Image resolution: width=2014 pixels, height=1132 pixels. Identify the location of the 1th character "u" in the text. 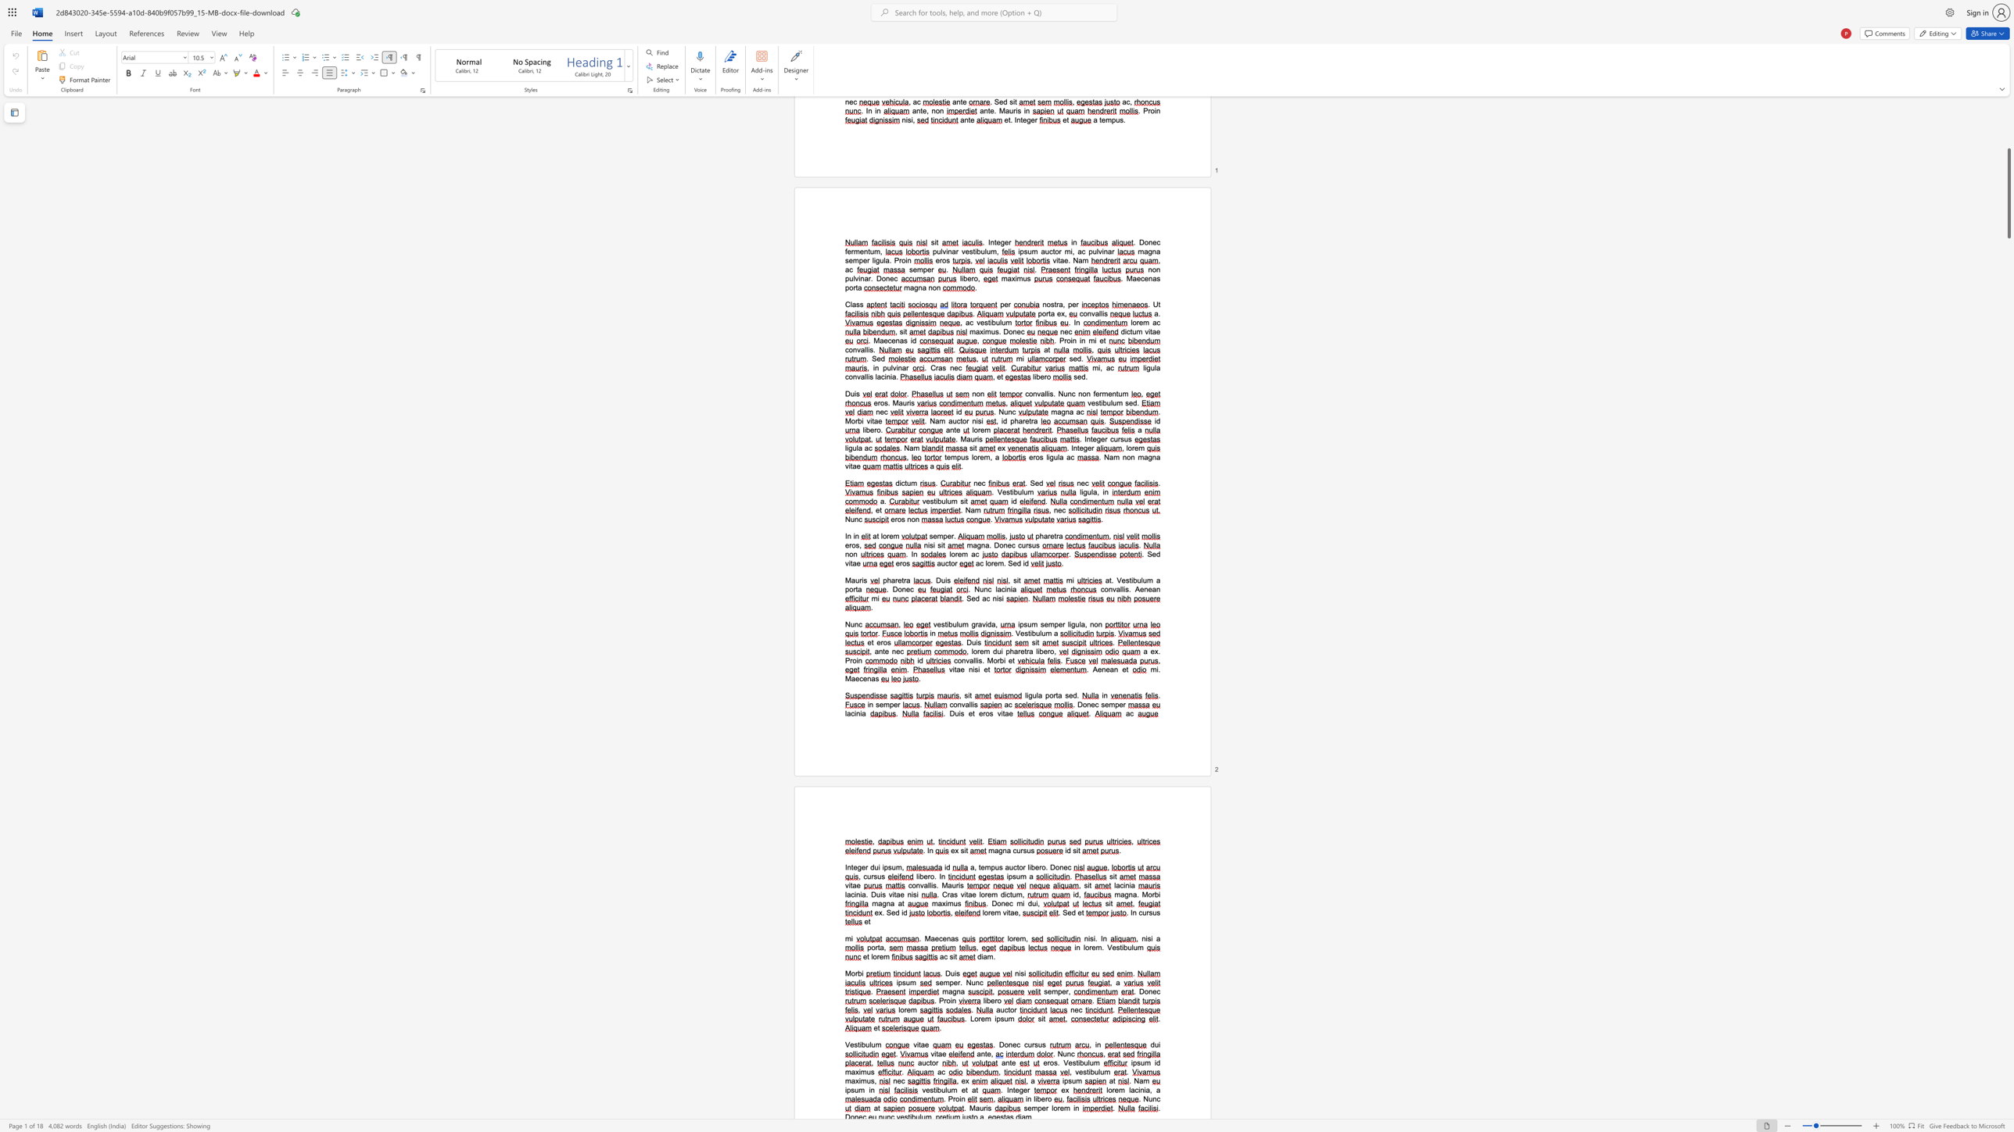
(944, 1090).